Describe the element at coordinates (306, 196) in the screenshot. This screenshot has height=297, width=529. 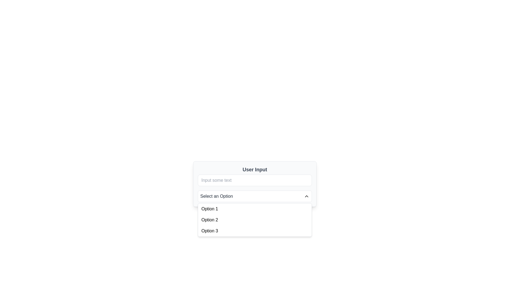
I see `the toggle icon located to the far right of the label 'Select an Option'` at that location.